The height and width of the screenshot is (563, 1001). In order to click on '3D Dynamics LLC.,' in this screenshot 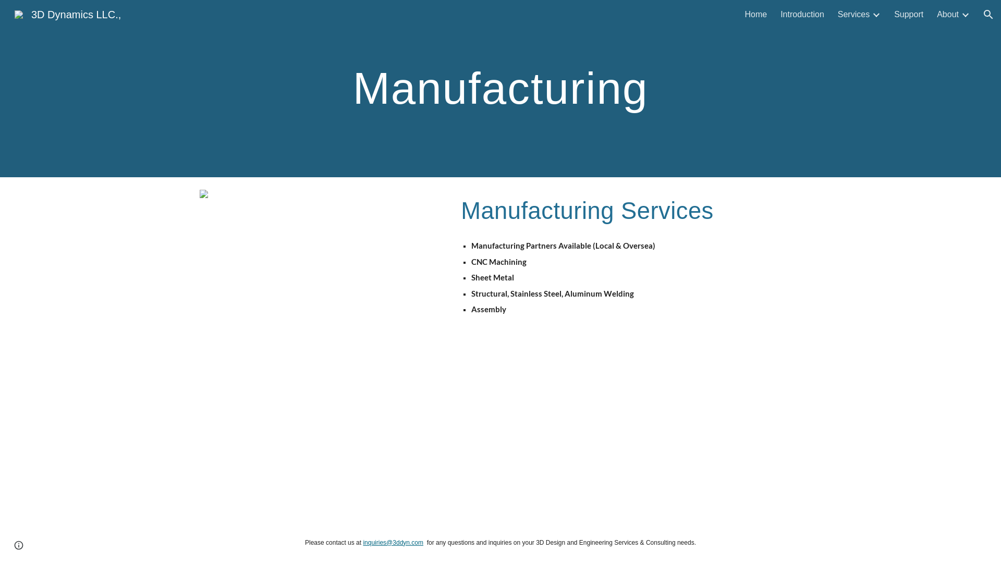, I will do `click(67, 14)`.